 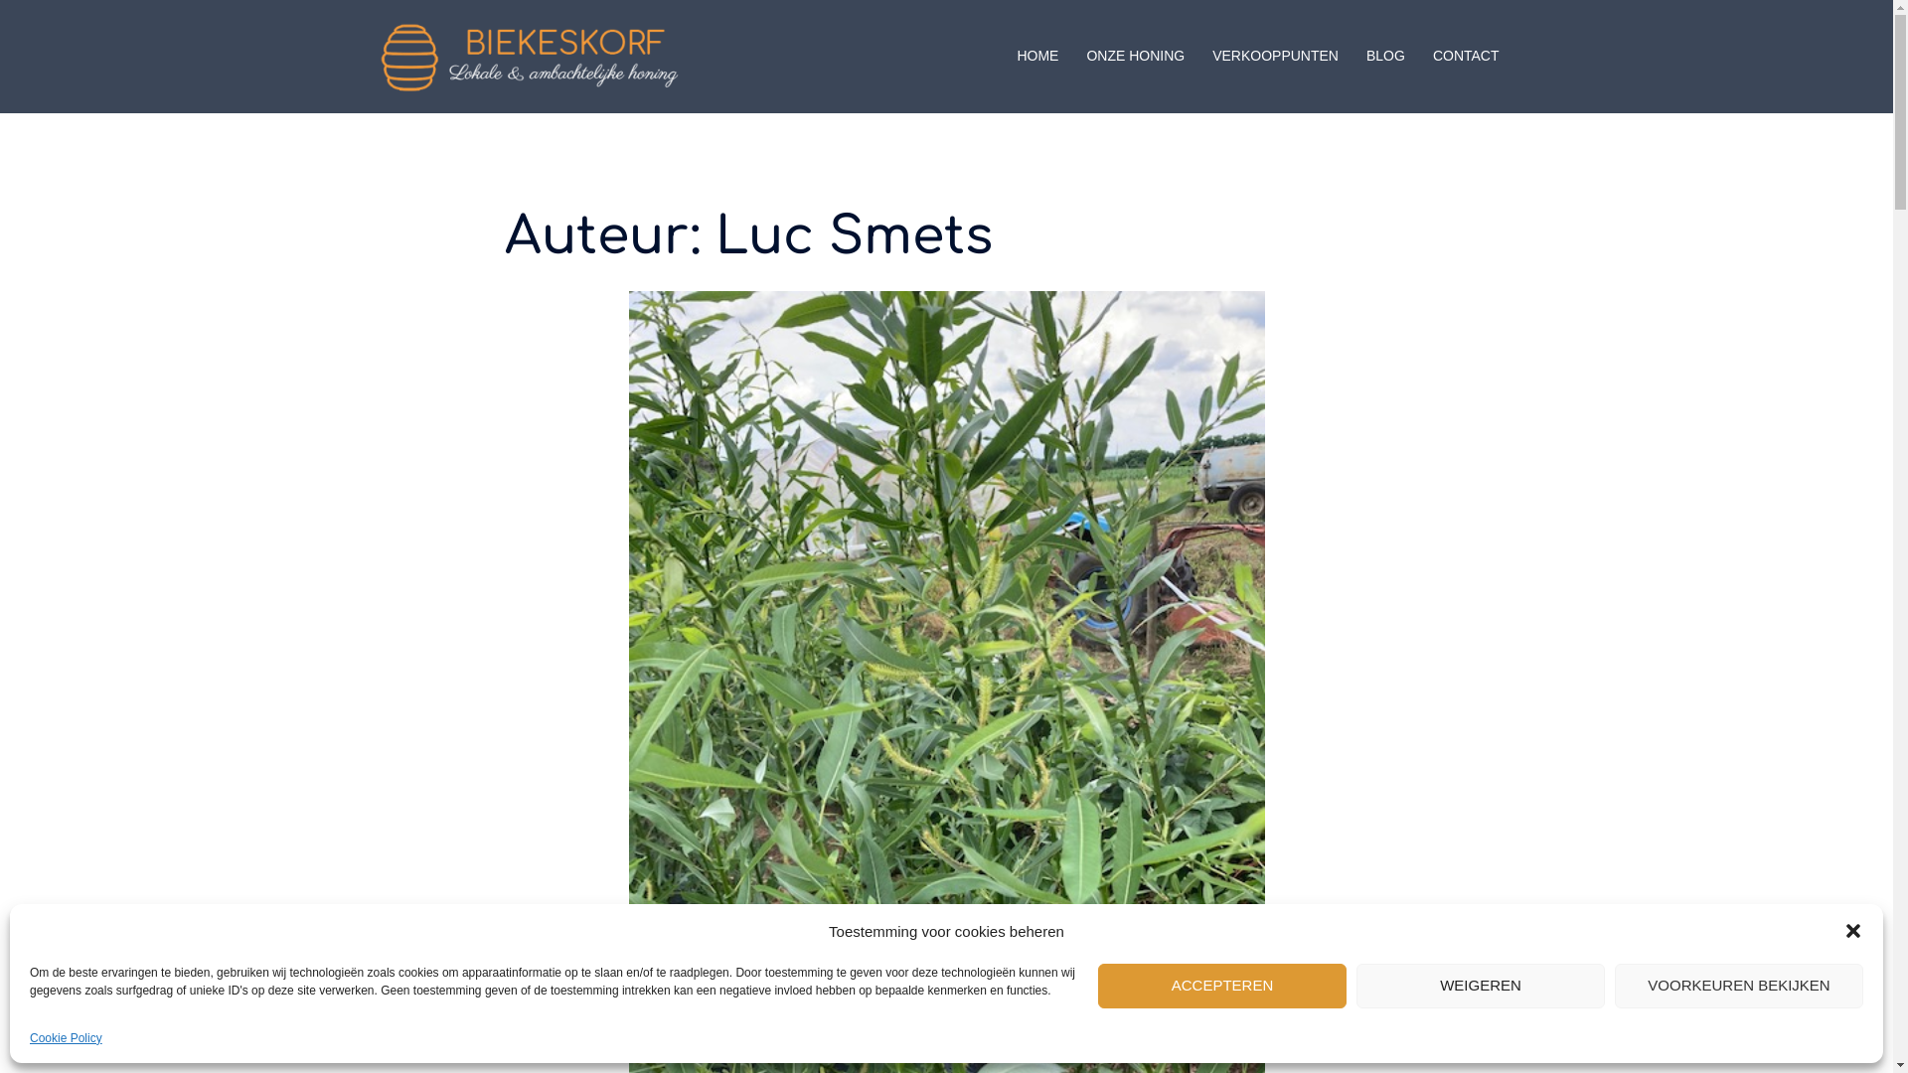 I want to click on 'ACCEPTEREN', so click(x=1220, y=986).